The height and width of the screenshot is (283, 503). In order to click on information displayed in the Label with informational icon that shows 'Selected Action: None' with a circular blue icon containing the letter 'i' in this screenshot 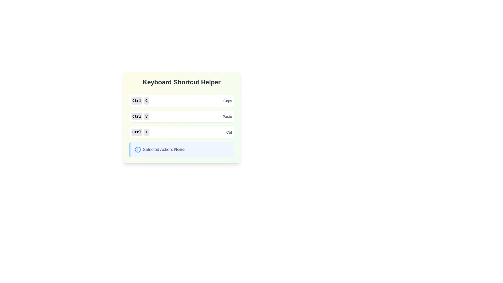, I will do `click(182, 149)`.